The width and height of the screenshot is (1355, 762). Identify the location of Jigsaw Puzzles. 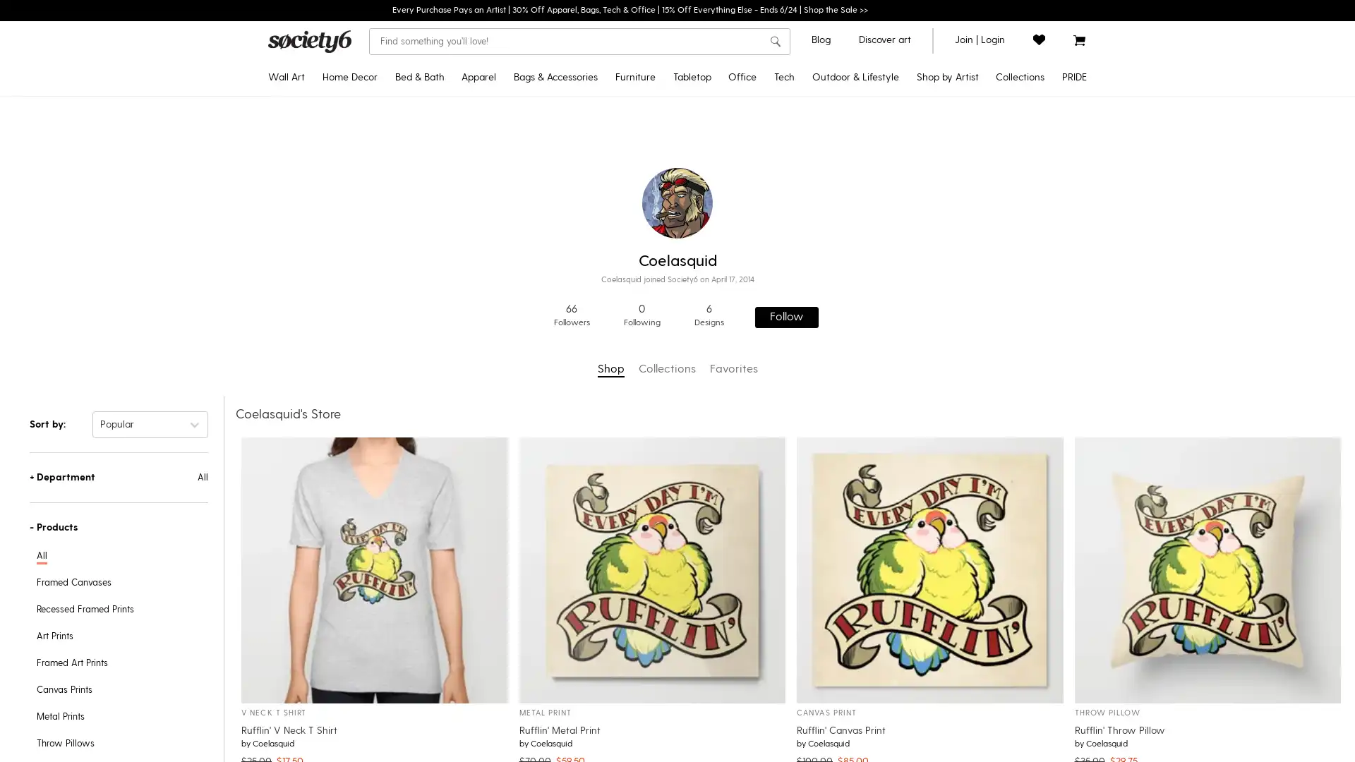
(777, 181).